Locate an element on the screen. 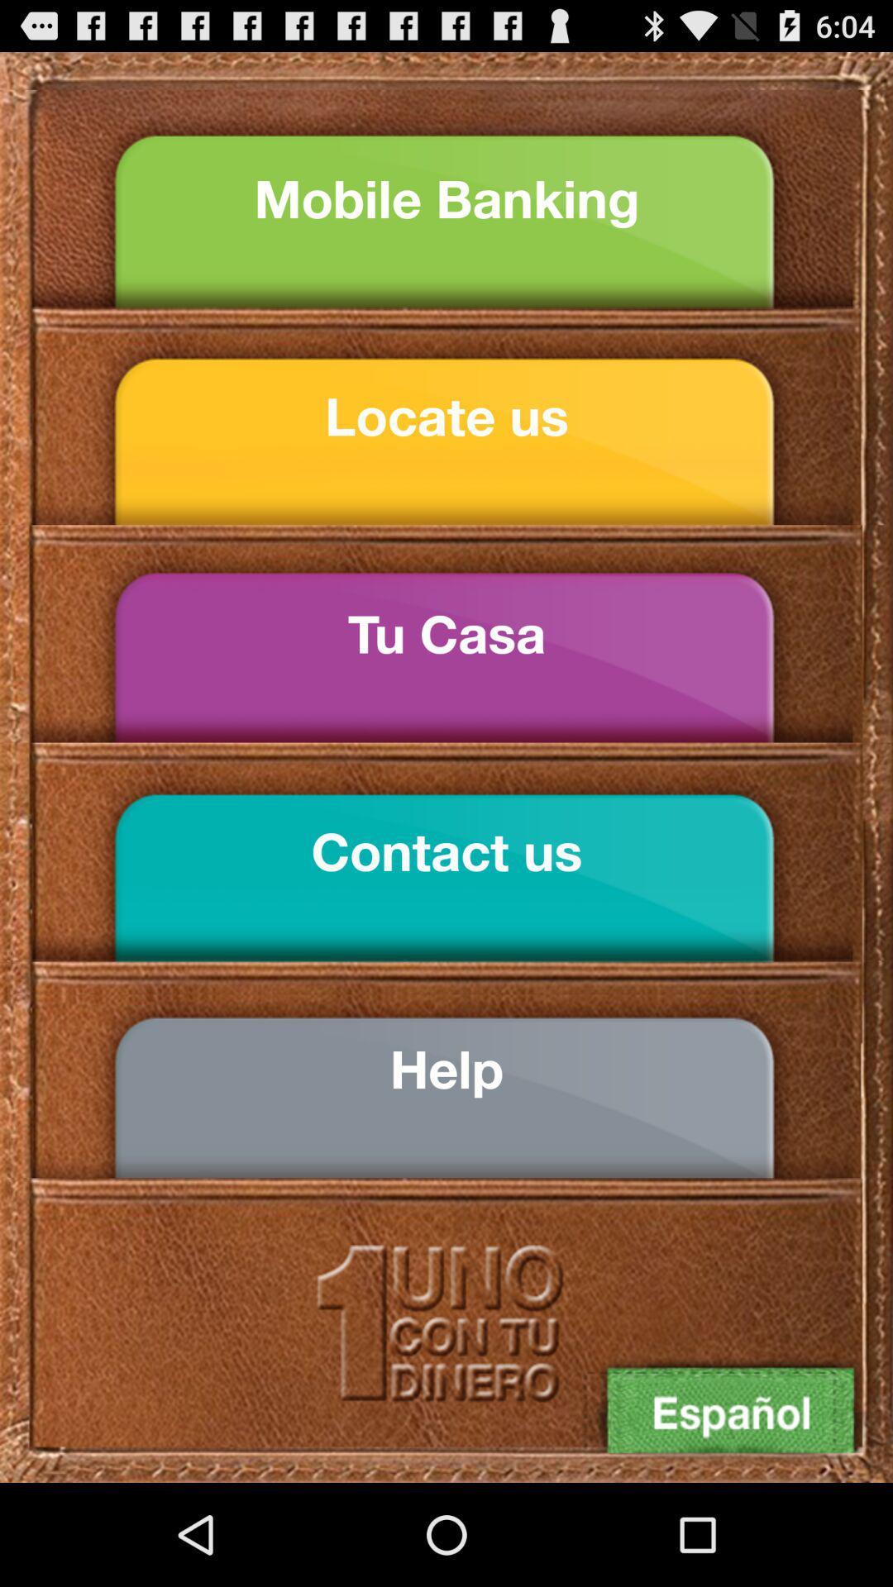 The height and width of the screenshot is (1587, 893). the tu casa app is located at coordinates (446, 633).